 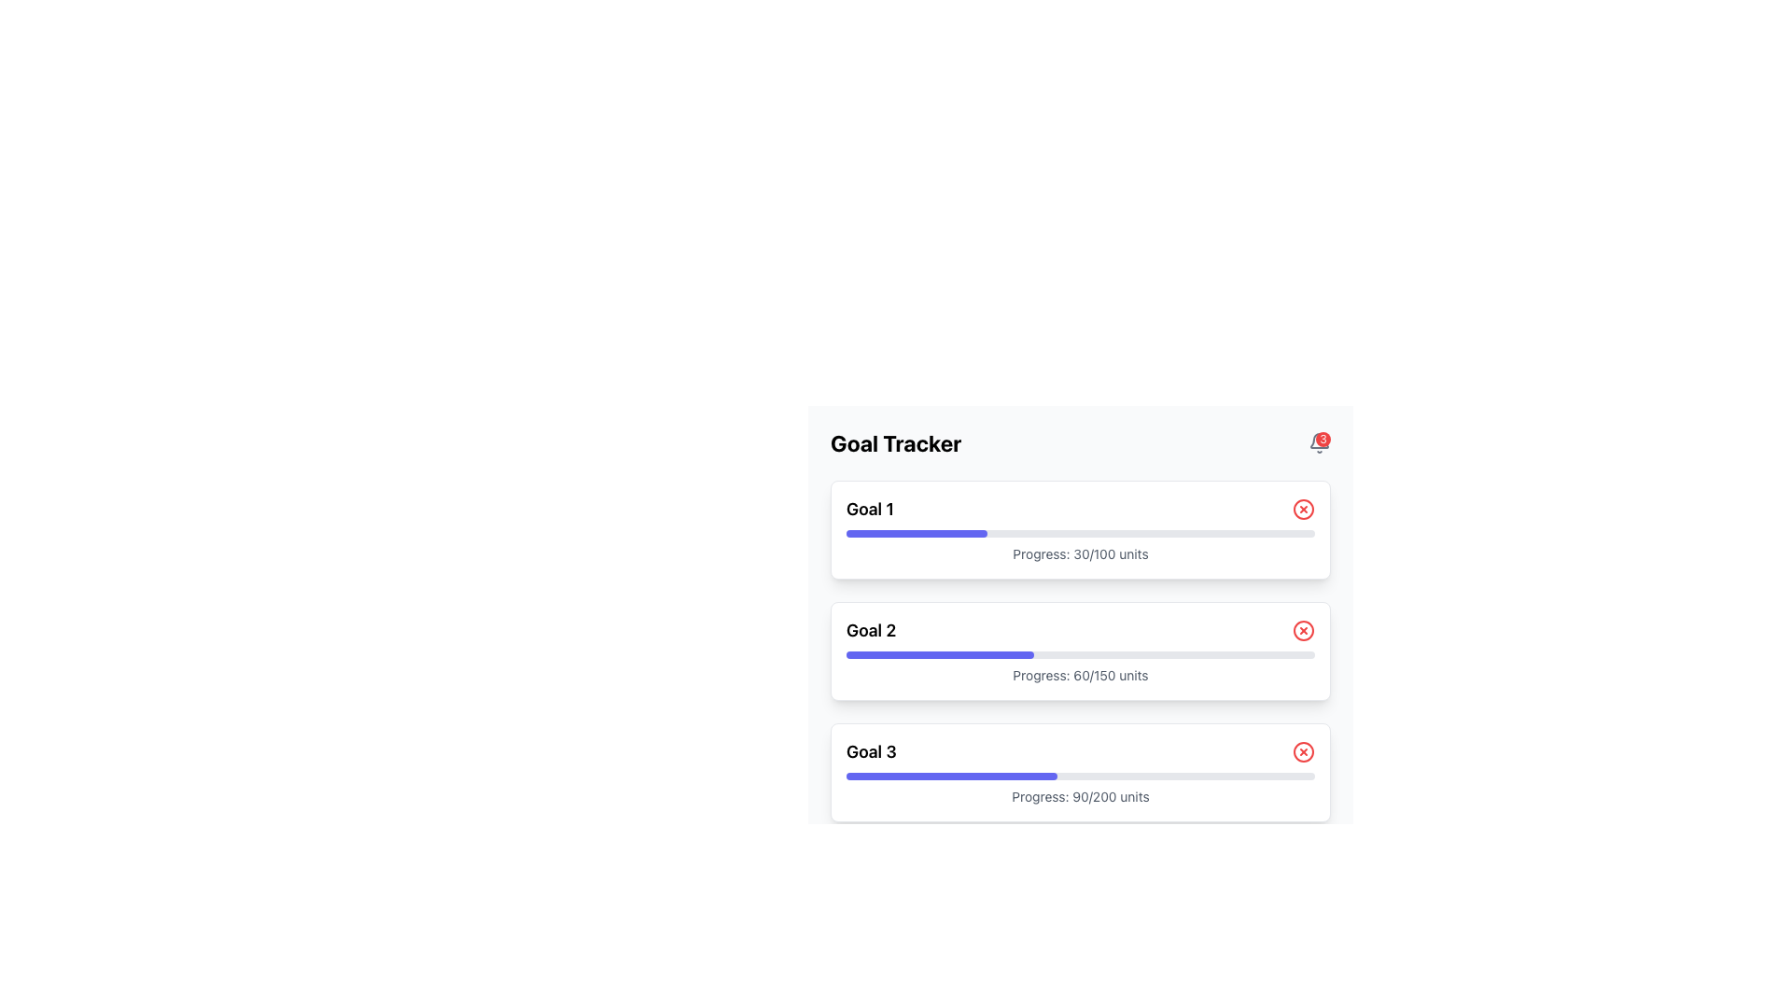 I want to click on the delete or cancel button located in the Goal 3 section, positioned to the far right side, aligned horizontally with the 'Goal 3' label, so click(x=1302, y=751).